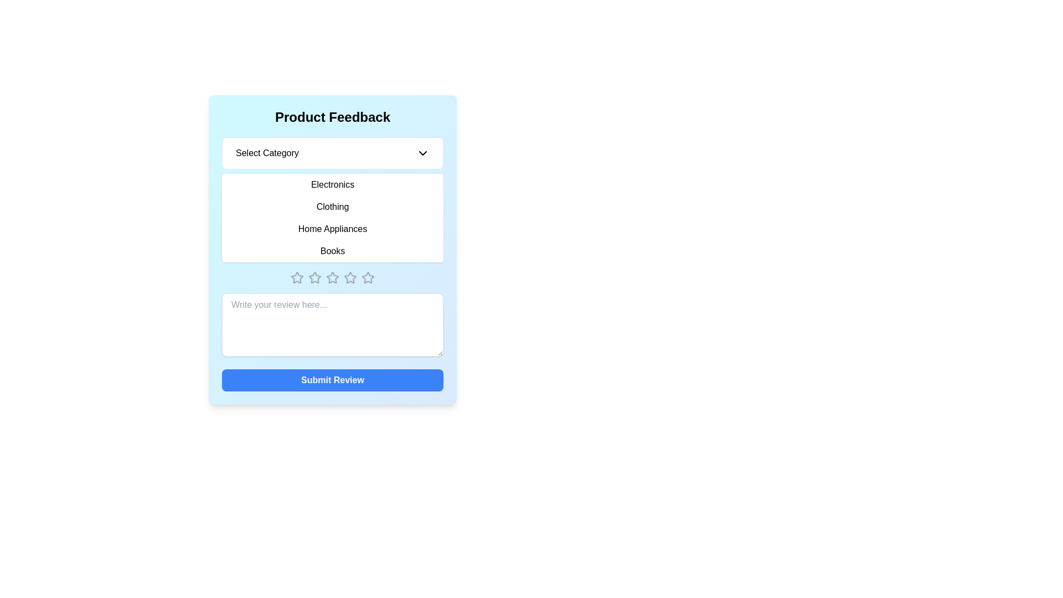  What do you see at coordinates (332, 277) in the screenshot?
I see `the third star icon in the rating control` at bounding box center [332, 277].